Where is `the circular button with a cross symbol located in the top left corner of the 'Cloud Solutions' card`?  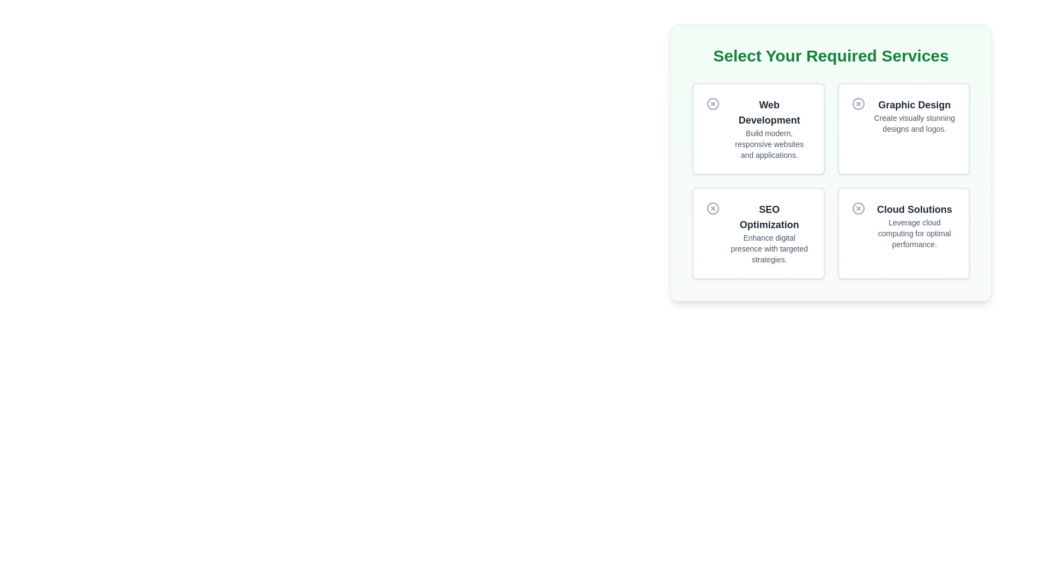 the circular button with a cross symbol located in the top left corner of the 'Cloud Solutions' card is located at coordinates (858, 208).